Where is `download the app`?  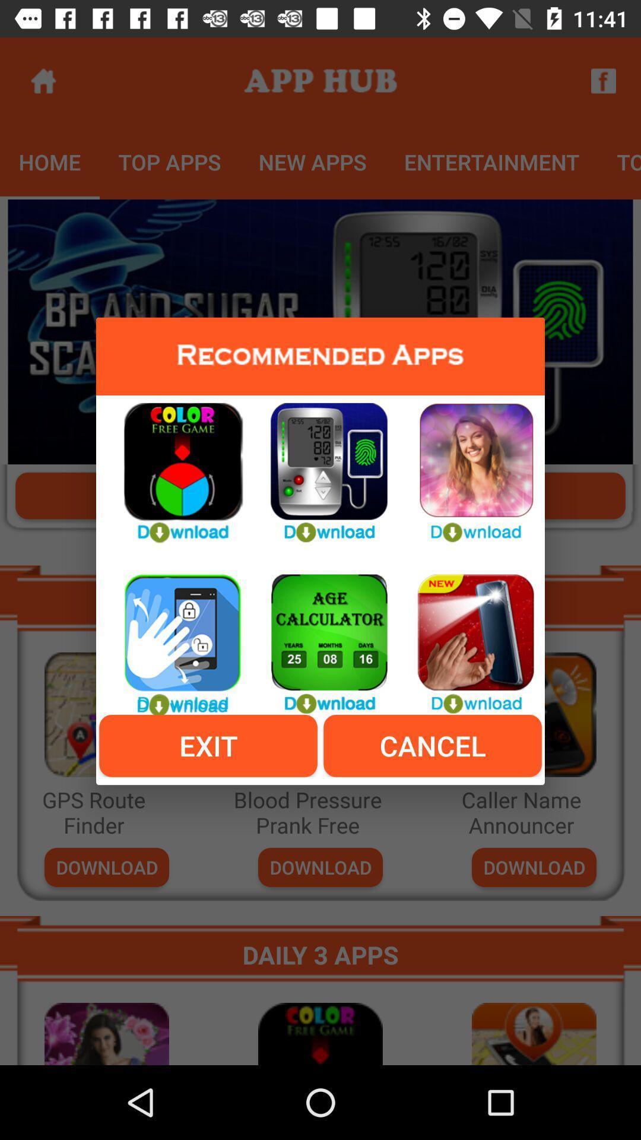 download the app is located at coordinates (320, 465).